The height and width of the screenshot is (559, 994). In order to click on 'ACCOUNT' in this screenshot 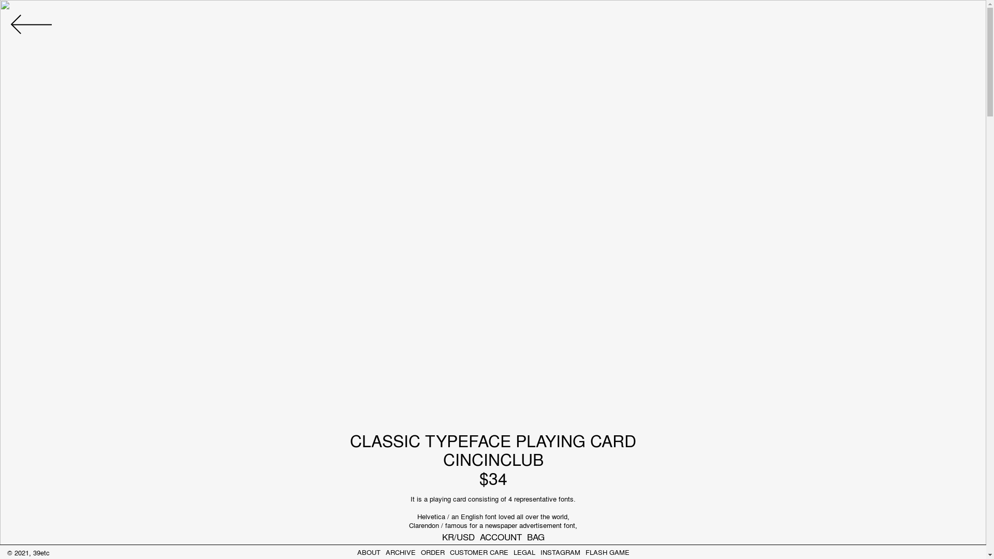, I will do `click(479, 536)`.